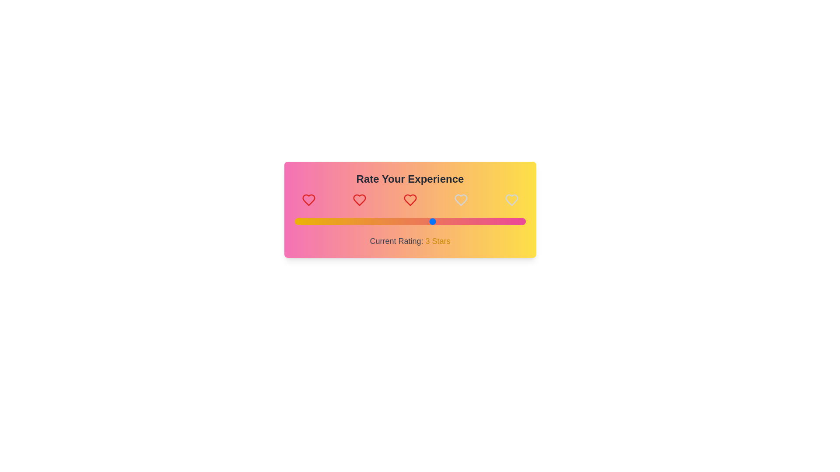 This screenshot has height=472, width=840. I want to click on the rating slider to 0 stars, so click(294, 221).